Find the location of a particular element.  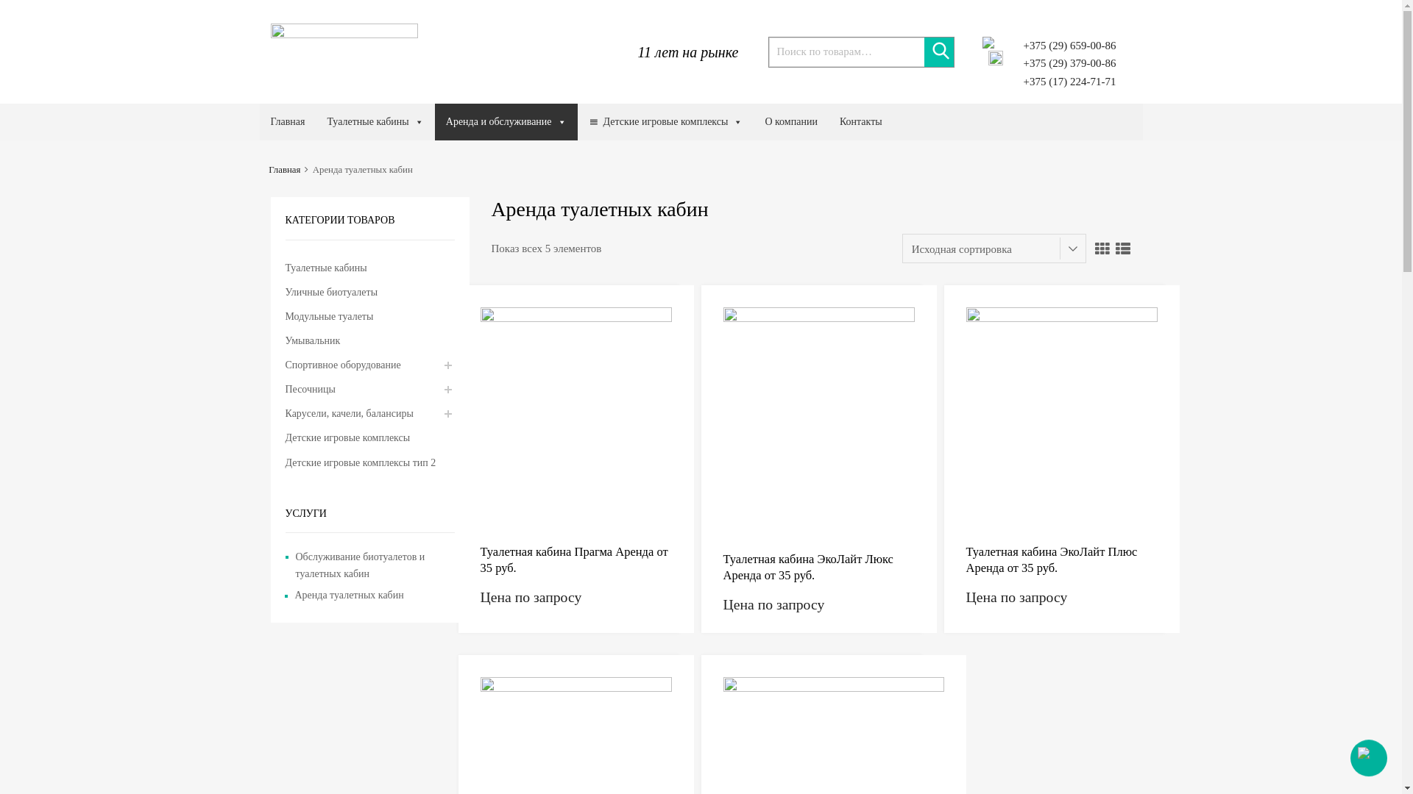

'+375 (17) 224-71-71' is located at coordinates (1063, 82).